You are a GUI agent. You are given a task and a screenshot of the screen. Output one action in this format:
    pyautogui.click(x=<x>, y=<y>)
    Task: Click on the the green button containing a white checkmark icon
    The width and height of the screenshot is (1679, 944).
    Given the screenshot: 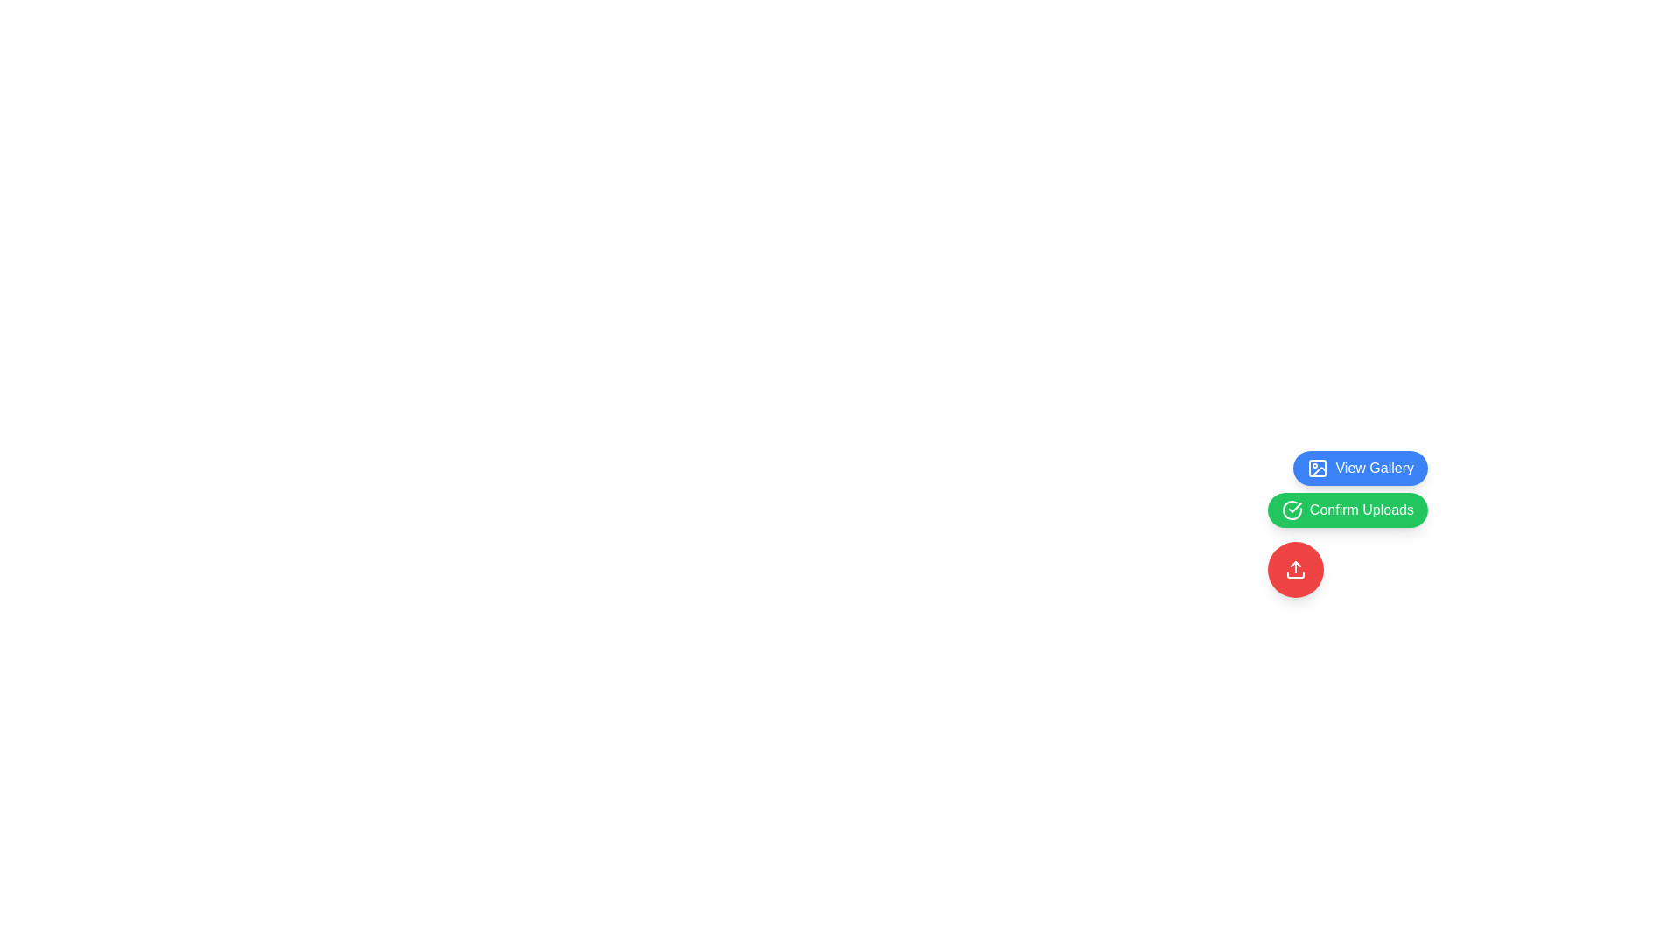 What is the action you would take?
    pyautogui.click(x=1295, y=508)
    